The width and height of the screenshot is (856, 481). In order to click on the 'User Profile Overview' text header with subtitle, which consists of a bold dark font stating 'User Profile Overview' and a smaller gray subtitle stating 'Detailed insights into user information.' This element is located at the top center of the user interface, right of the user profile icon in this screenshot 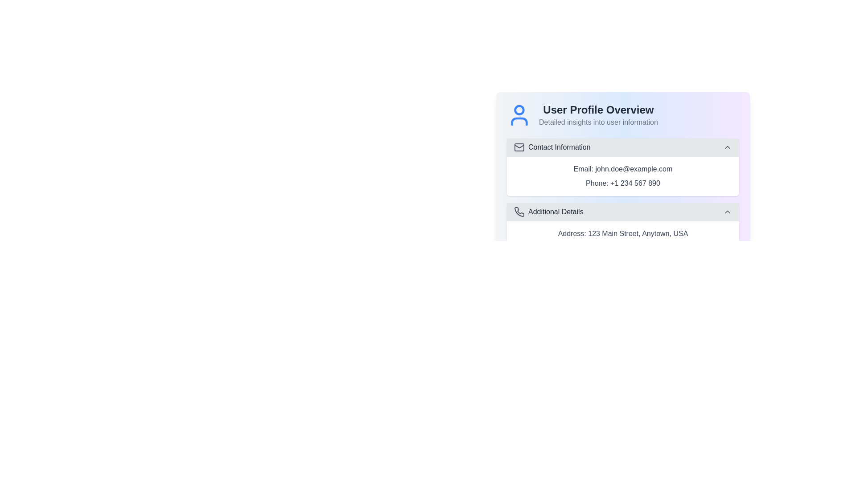, I will do `click(598, 114)`.